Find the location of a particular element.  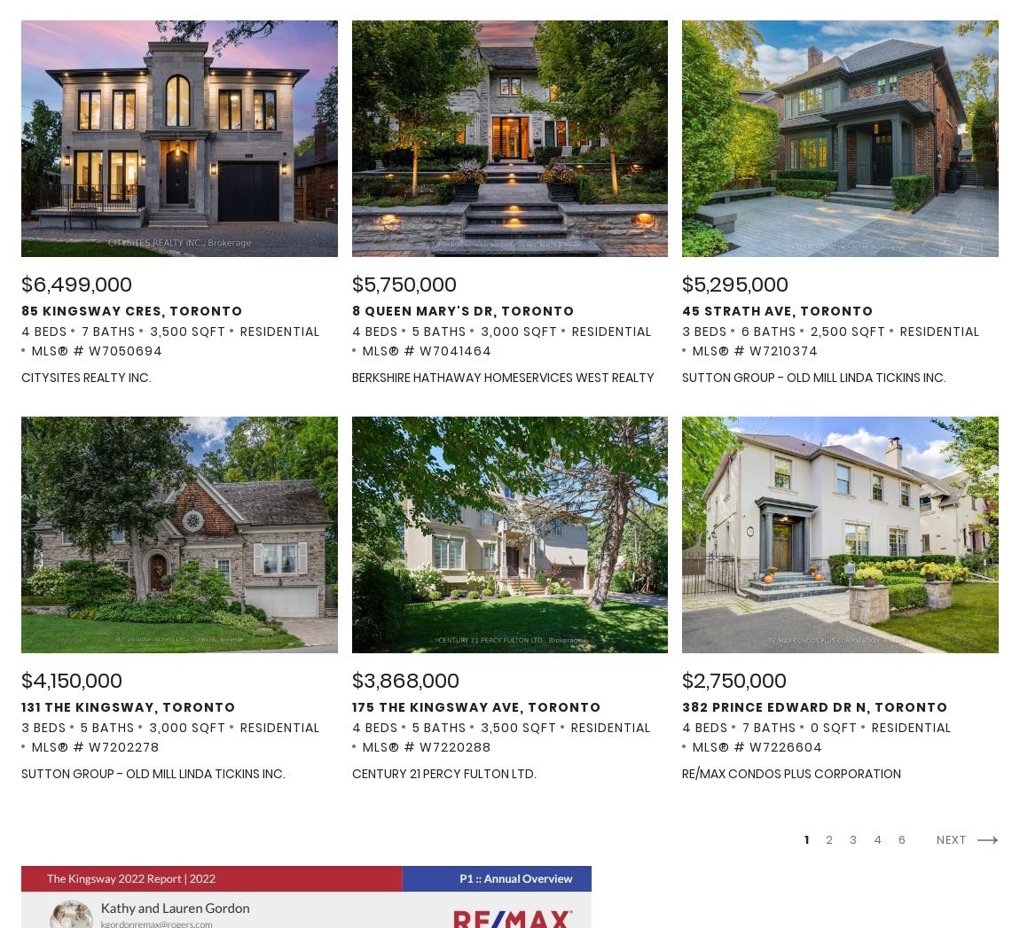

'CITYSITES REALTY INC.' is located at coordinates (85, 377).